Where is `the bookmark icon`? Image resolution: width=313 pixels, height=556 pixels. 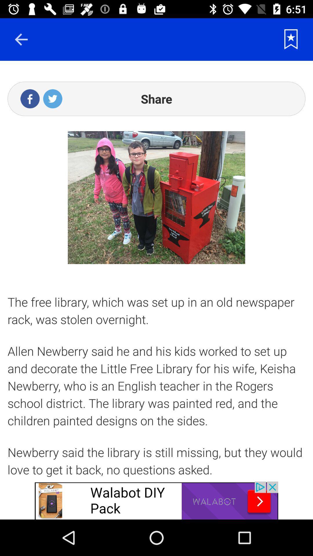
the bookmark icon is located at coordinates (291, 39).